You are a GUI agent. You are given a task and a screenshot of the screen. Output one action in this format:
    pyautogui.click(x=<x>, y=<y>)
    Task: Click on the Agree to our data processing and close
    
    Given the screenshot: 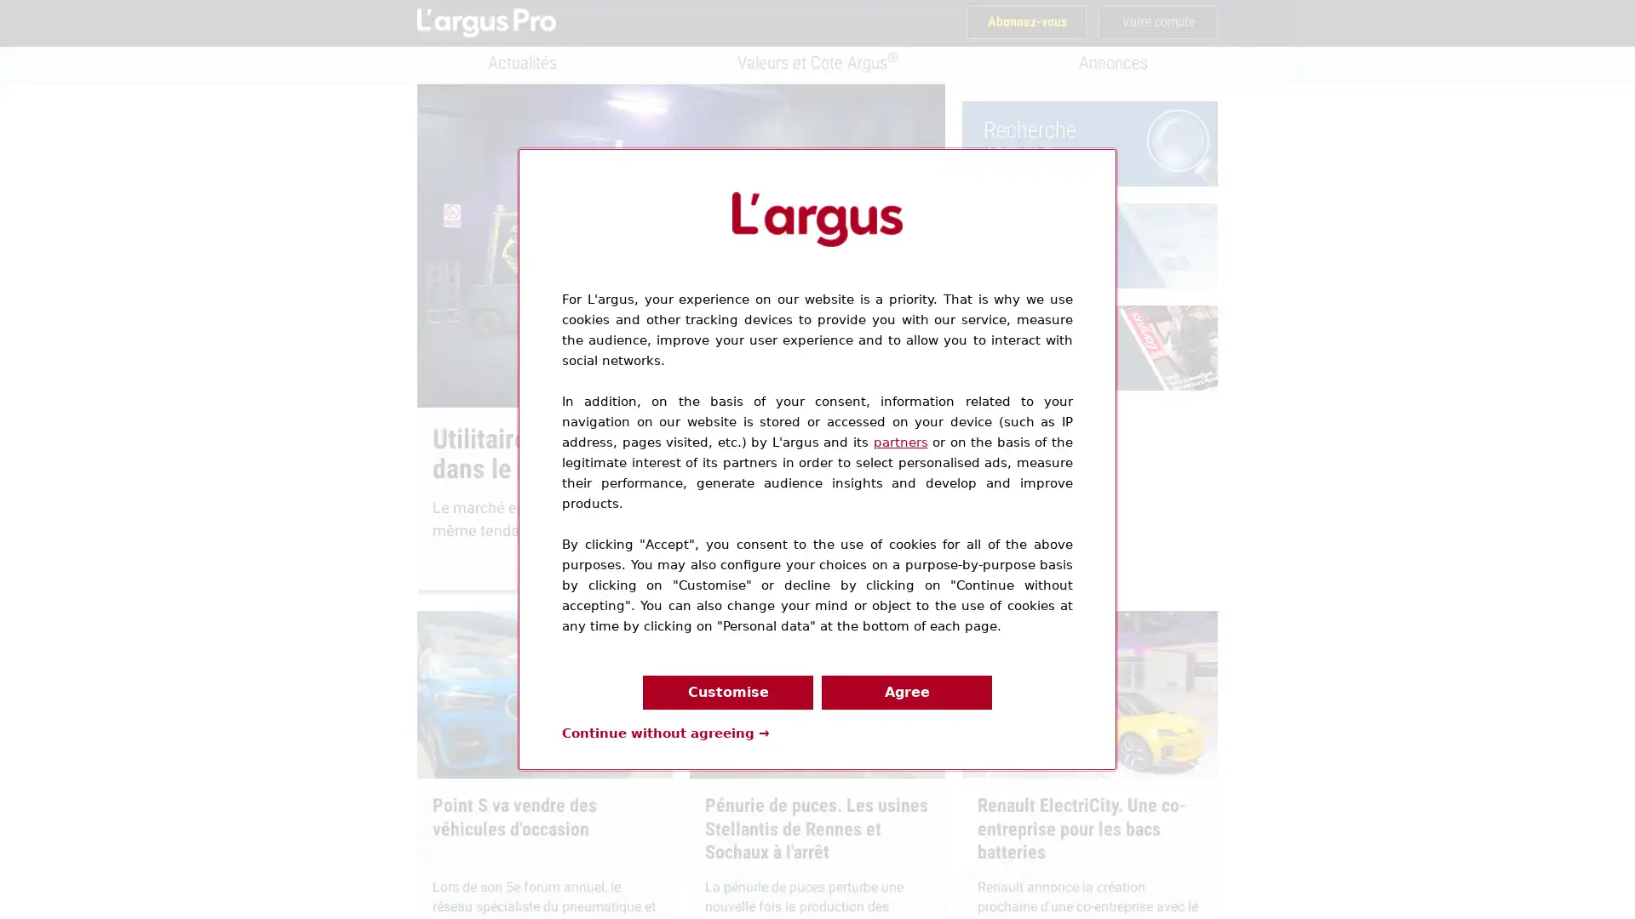 What is the action you would take?
    pyautogui.click(x=906, y=692)
    